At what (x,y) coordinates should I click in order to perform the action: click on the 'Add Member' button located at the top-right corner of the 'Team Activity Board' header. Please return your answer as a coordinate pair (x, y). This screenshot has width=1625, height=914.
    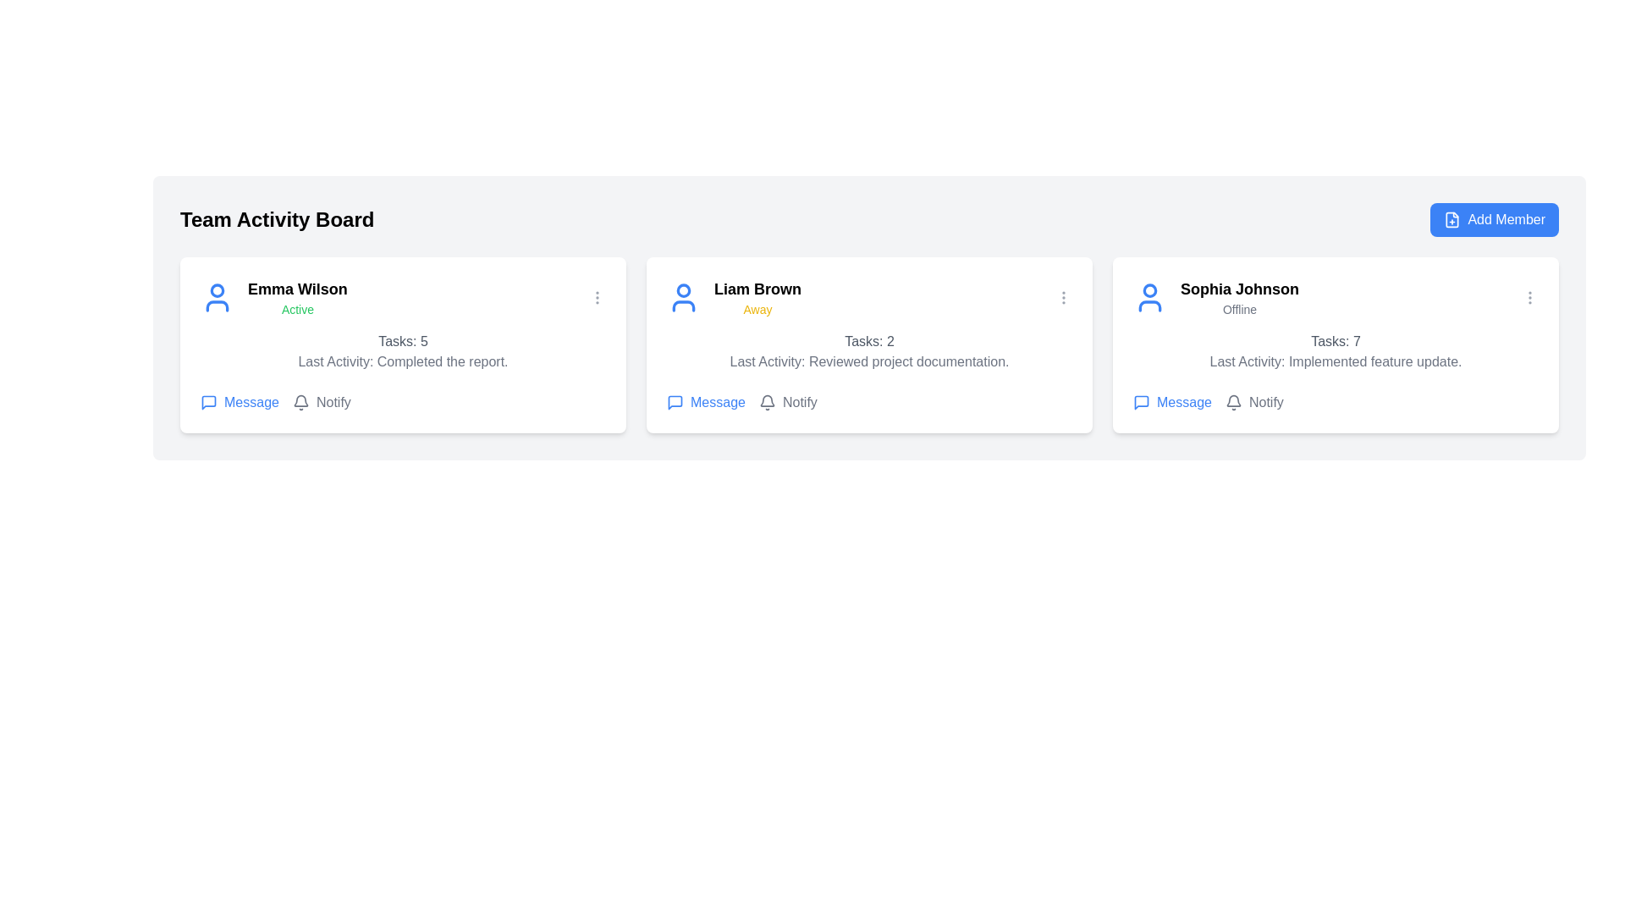
    Looking at the image, I should click on (1495, 218).